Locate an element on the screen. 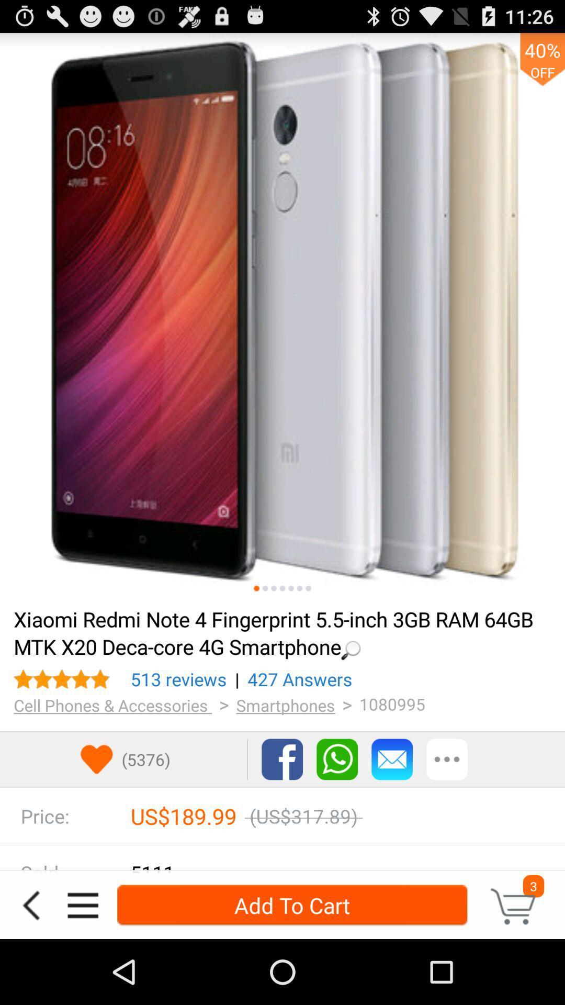 This screenshot has width=565, height=1005. photo of the phone is located at coordinates (256, 588).